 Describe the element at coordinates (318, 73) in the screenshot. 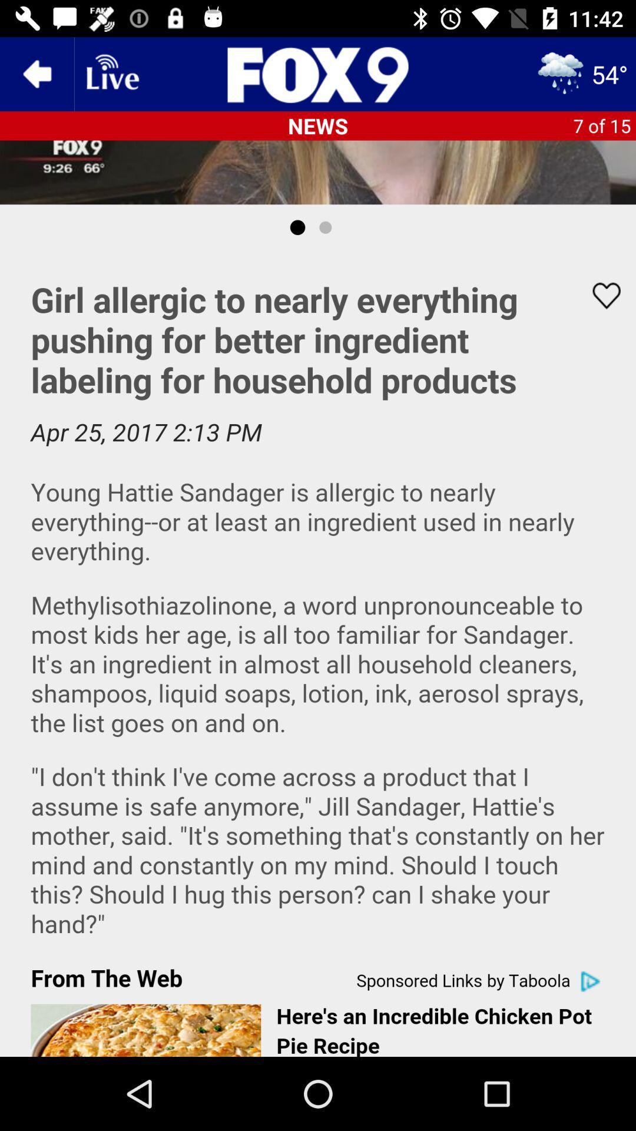

I see `title icon` at that location.